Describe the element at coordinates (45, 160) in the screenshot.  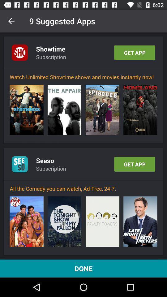
I see `item above the subscription icon` at that location.